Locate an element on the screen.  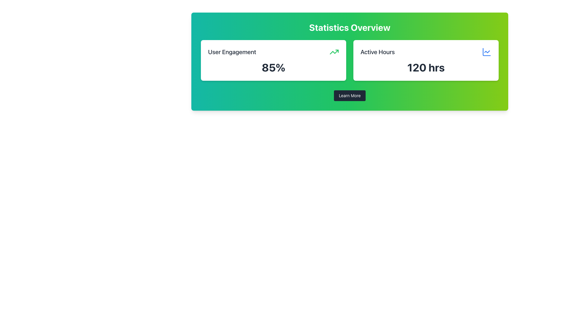
the Labeled Section Header element displaying 'Active Hours' with a line chart icon on the right side is located at coordinates (426, 51).